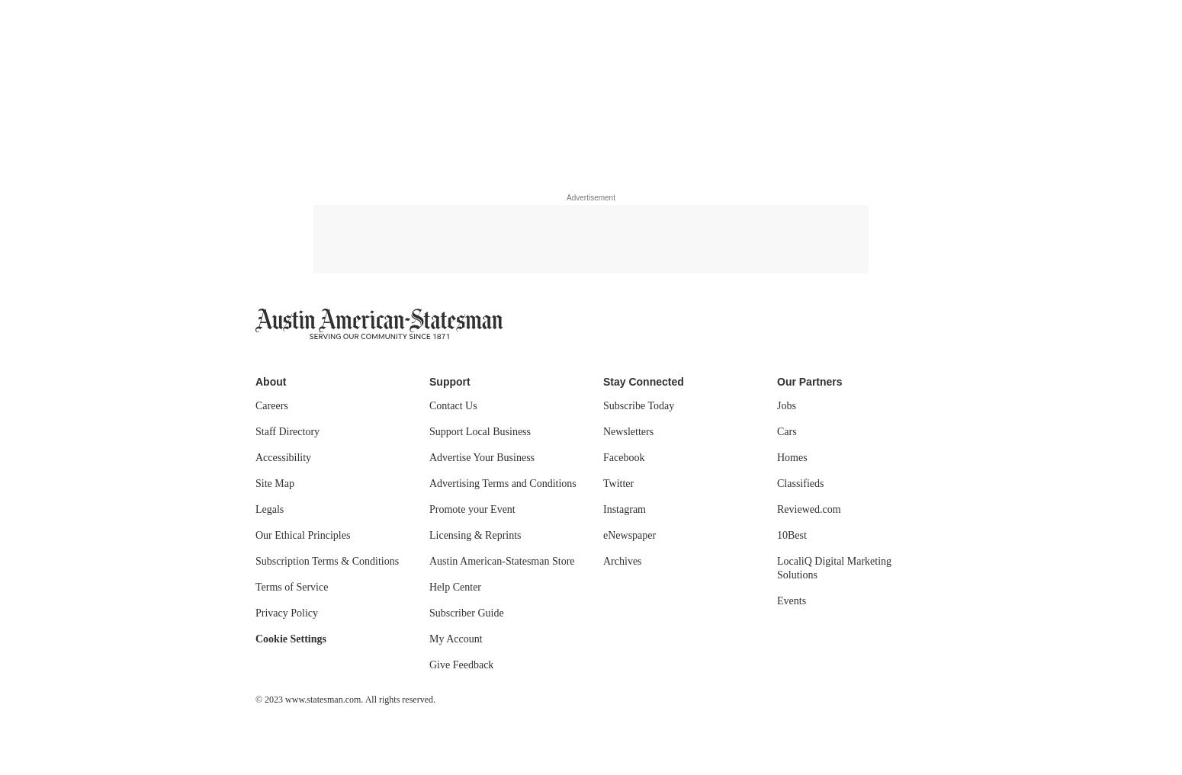 This screenshot has height=775, width=1182. I want to click on 'Staff Directory', so click(286, 431).